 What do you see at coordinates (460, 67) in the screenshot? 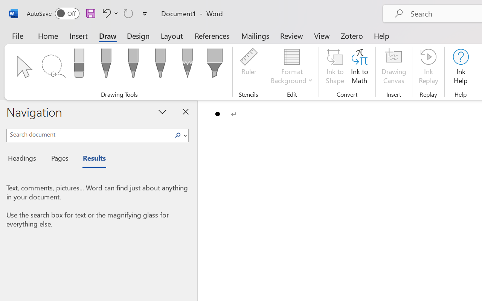
I see `'Ink Help'` at bounding box center [460, 67].